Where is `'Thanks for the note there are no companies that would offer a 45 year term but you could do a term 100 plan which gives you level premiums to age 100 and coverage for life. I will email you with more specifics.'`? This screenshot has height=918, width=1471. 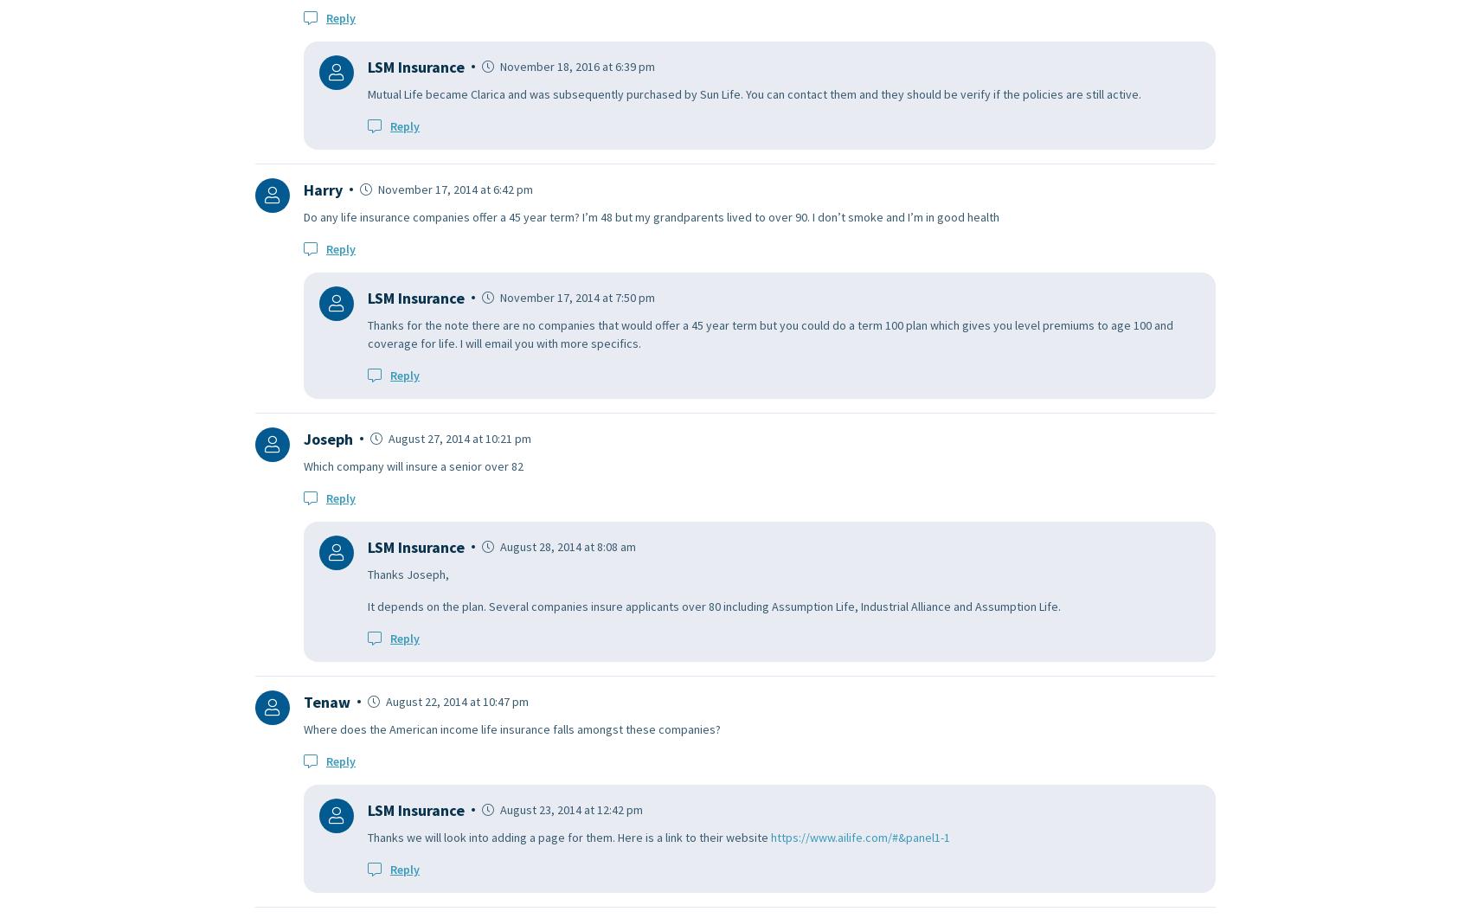 'Thanks for the note there are no companies that would offer a 45 year term but you could do a term 100 plan which gives you level premiums to age 100 and coverage for life. I will email you with more specifics.' is located at coordinates (368, 333).